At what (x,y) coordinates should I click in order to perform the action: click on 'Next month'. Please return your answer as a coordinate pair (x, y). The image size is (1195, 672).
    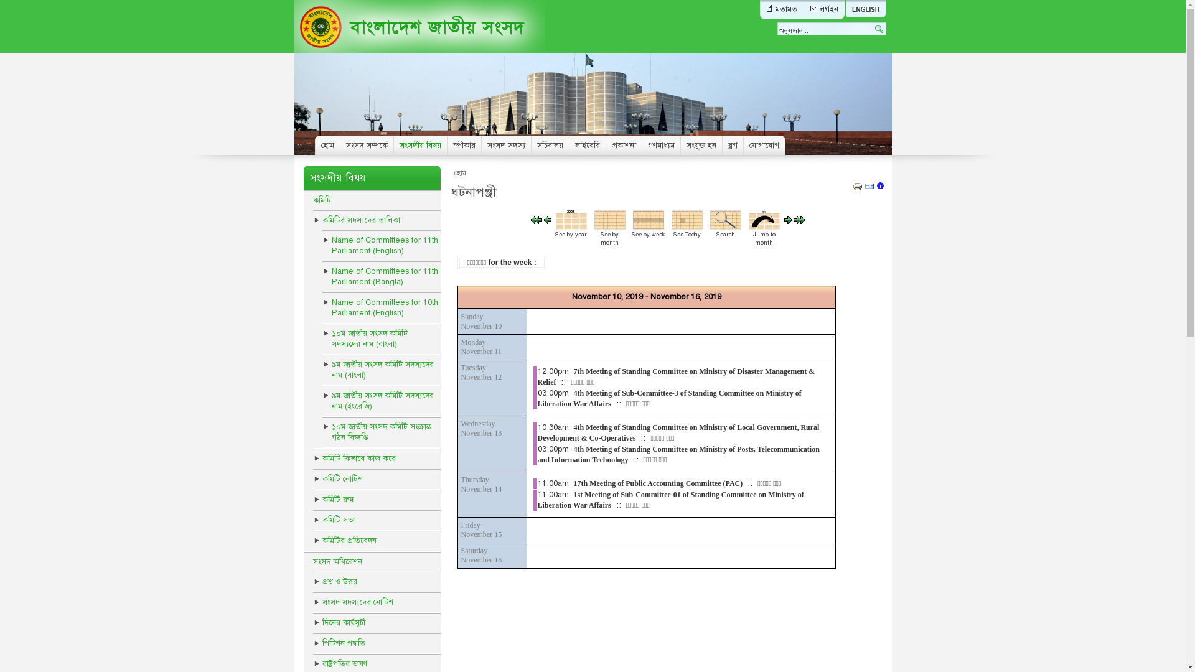
    Looking at the image, I should click on (793, 220).